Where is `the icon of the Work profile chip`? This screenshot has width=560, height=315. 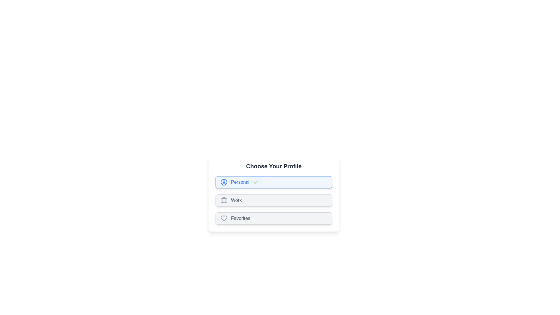
the icon of the Work profile chip is located at coordinates (224, 200).